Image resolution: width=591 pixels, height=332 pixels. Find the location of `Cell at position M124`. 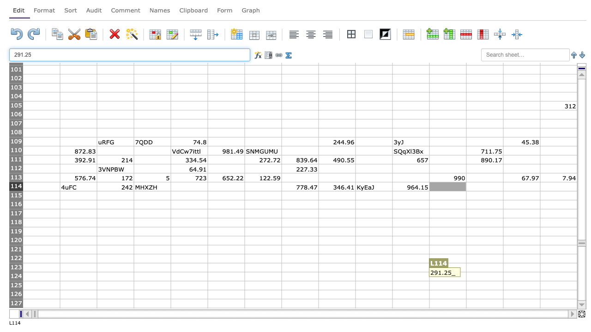

Cell at position M124 is located at coordinates (484, 276).